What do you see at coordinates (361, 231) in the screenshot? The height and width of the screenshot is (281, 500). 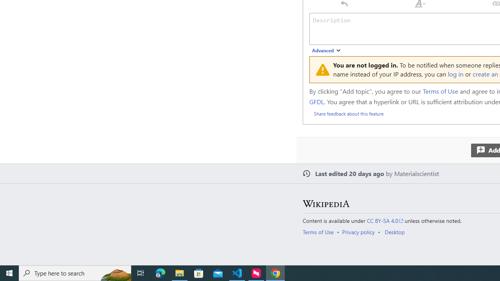 I see `'AutomationID: footer-places-privacy'` at bounding box center [361, 231].